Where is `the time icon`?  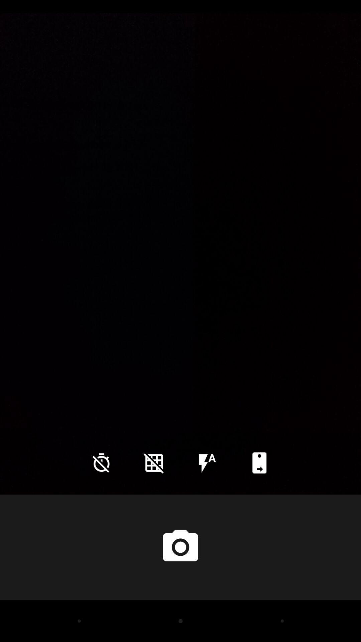
the time icon is located at coordinates (101, 462).